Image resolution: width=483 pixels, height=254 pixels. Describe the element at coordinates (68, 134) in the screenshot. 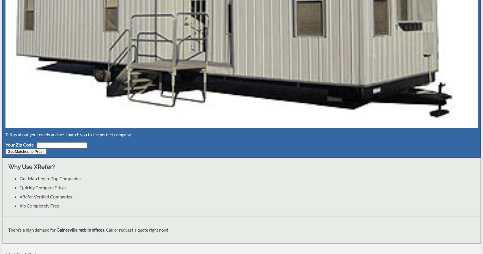

I see `'Tell us about your needs and we'll match you to the perfect company.'` at that location.